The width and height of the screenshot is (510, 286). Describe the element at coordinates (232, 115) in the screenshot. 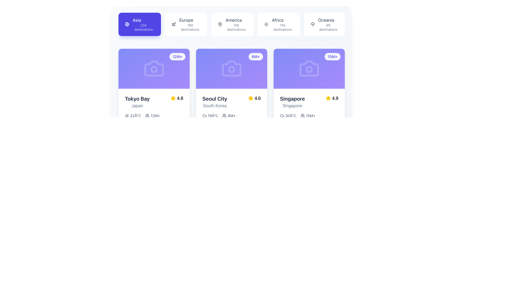

I see `the informational text label displaying the numerical figure '8M+' related to 'Seoul City', located to the right of the user silhouette icon` at that location.